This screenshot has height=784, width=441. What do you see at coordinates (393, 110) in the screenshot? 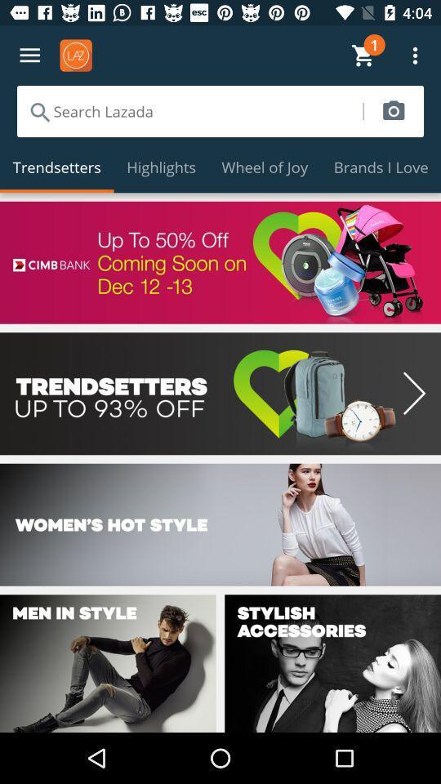
I see `camera` at bounding box center [393, 110].